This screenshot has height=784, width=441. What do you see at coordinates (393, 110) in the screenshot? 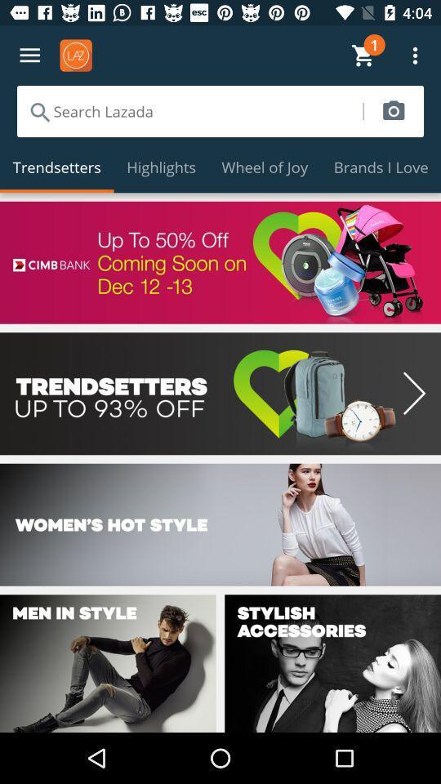
I see `camera` at bounding box center [393, 110].